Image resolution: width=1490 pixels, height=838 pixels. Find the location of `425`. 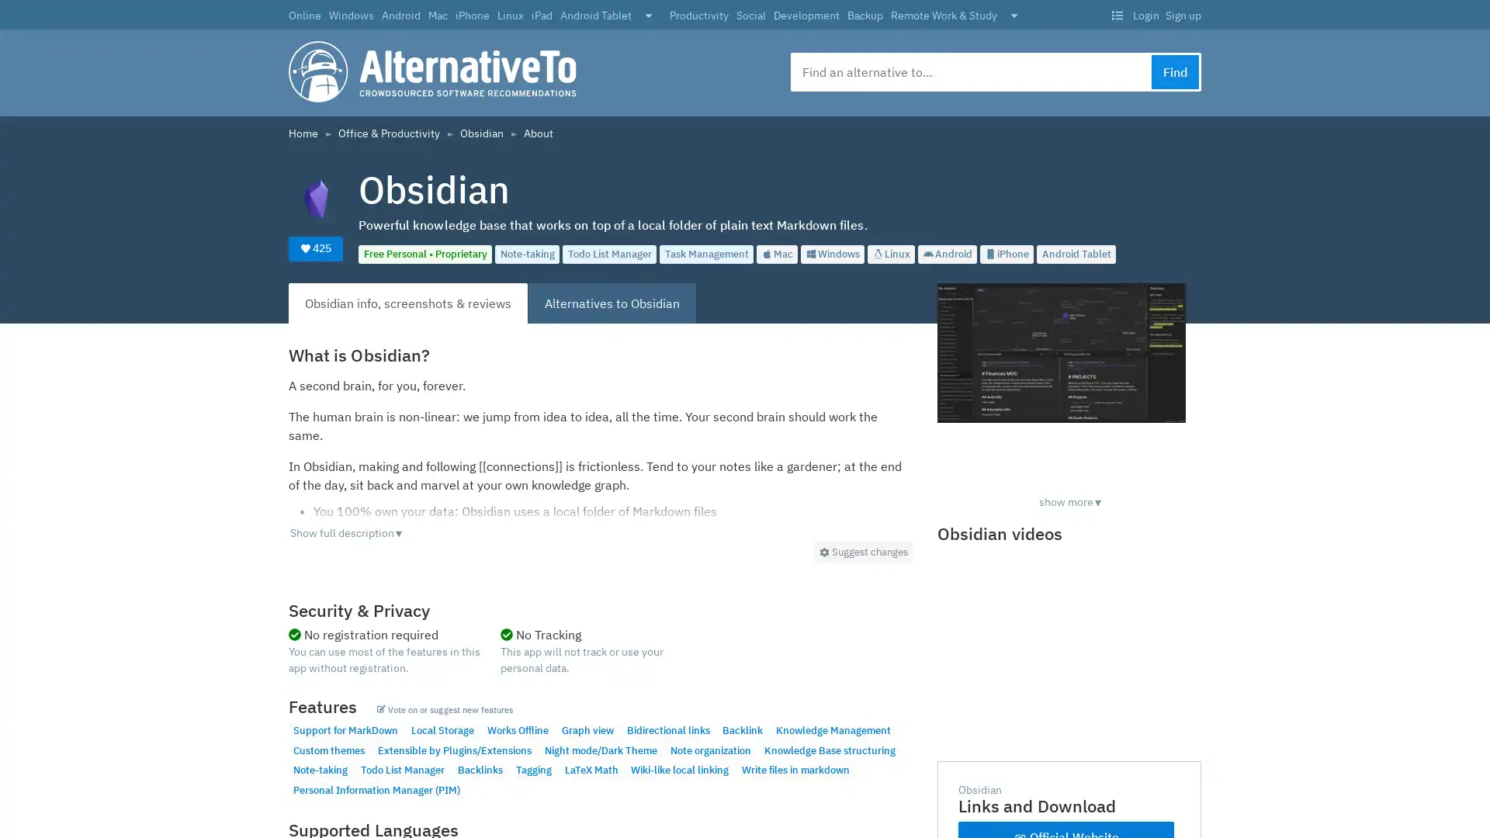

425 is located at coordinates (315, 248).